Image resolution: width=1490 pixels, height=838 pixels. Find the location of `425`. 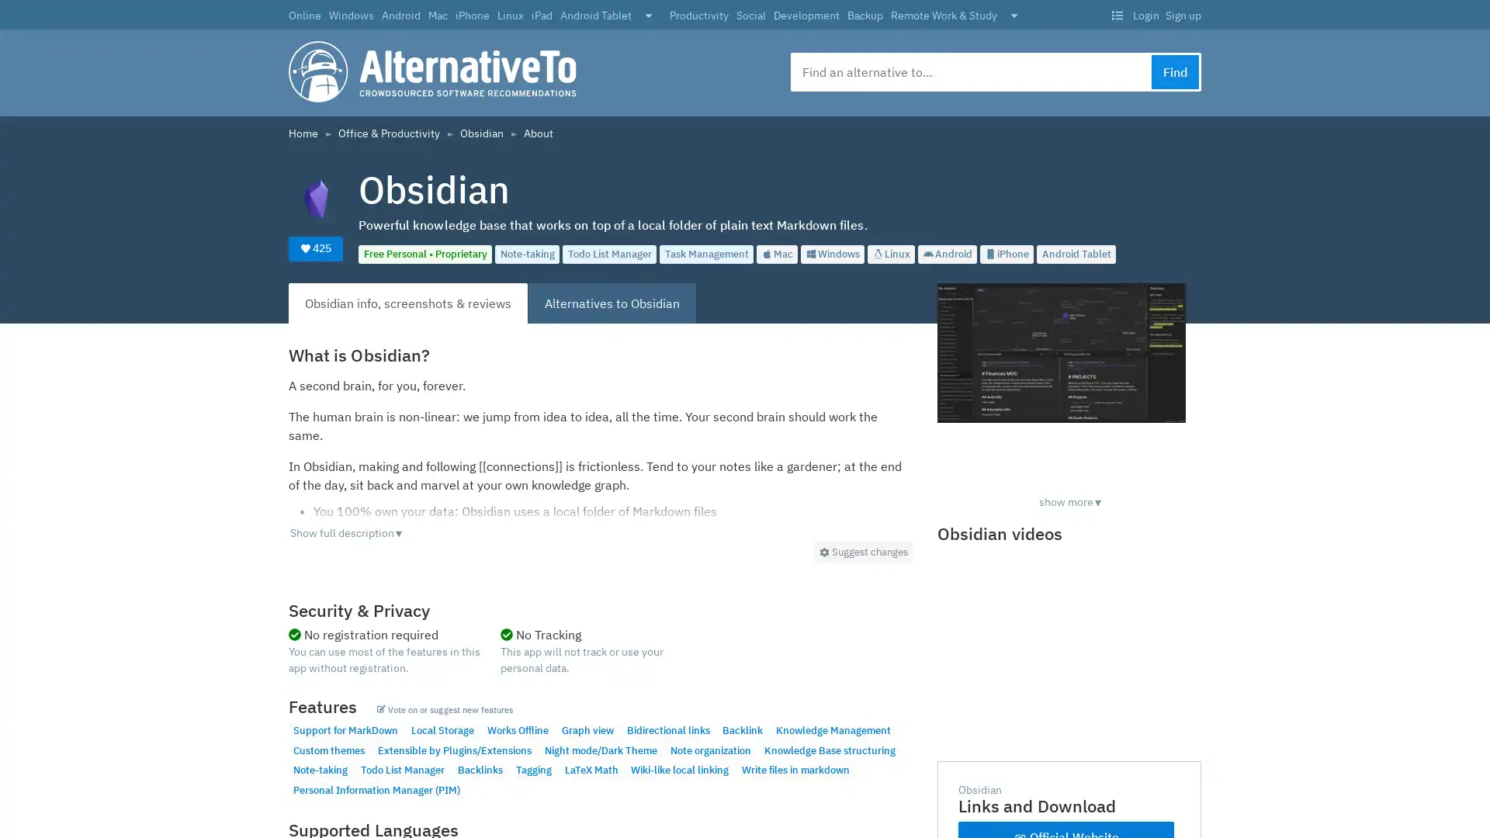

425 is located at coordinates (315, 248).